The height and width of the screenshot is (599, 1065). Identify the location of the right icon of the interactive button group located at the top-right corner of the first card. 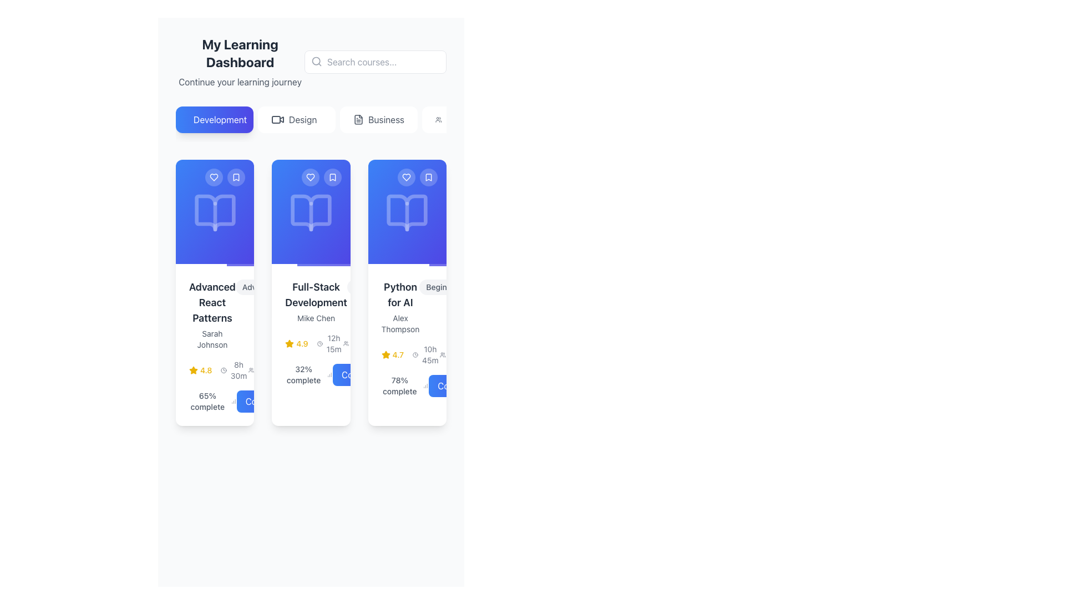
(225, 177).